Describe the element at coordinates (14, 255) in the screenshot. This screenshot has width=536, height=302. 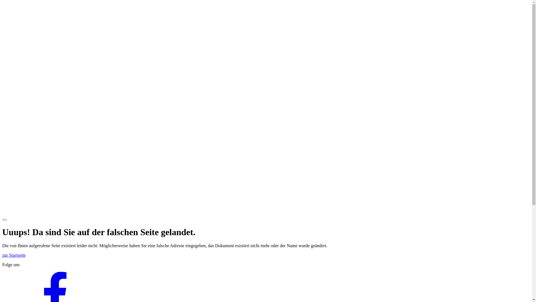
I see `'zur Startseite'` at that location.